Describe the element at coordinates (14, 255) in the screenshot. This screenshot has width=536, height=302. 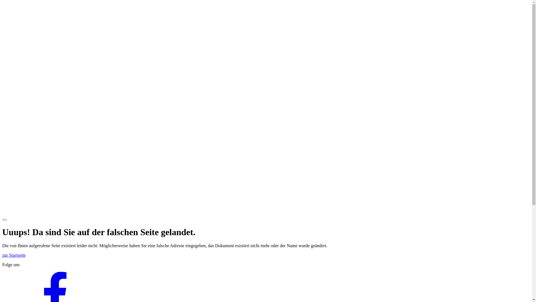
I see `'zur Startseite'` at that location.